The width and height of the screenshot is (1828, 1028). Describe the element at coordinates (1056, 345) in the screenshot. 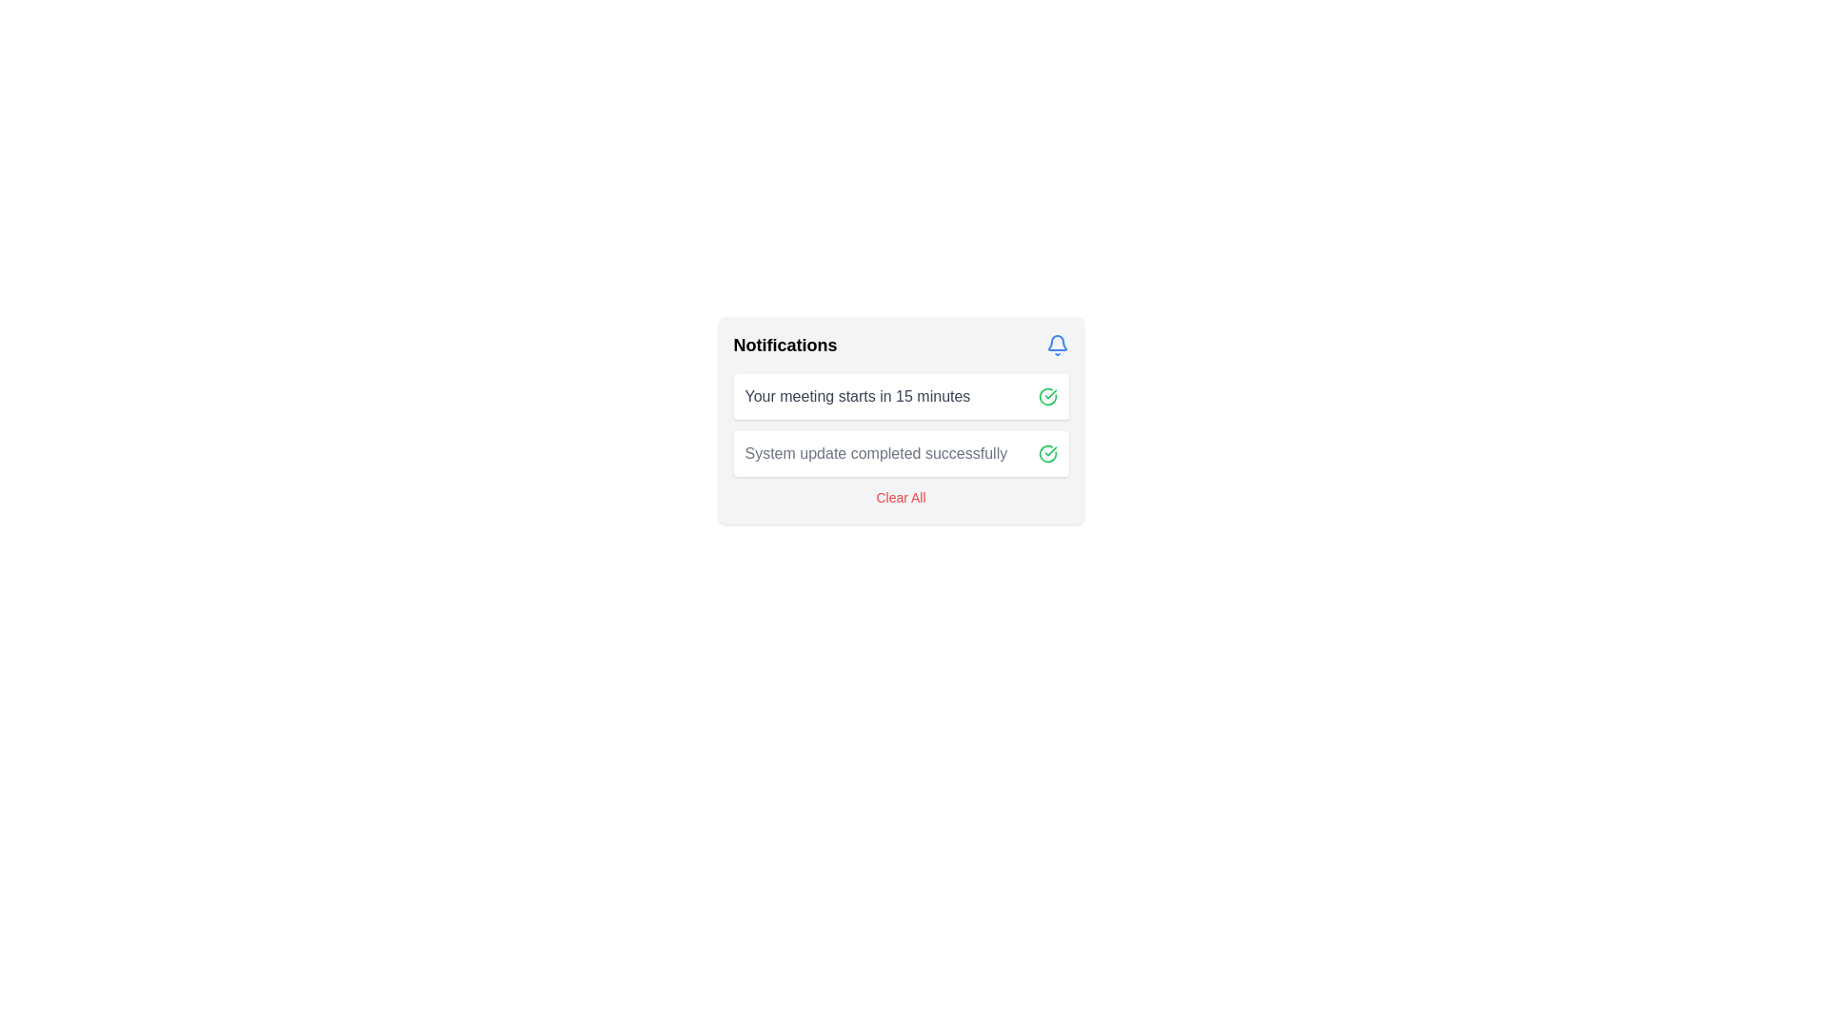

I see `the decorative bell icon located in the header of the 'Notifications' section, aligned to the far right of the header text 'Notifications'` at that location.